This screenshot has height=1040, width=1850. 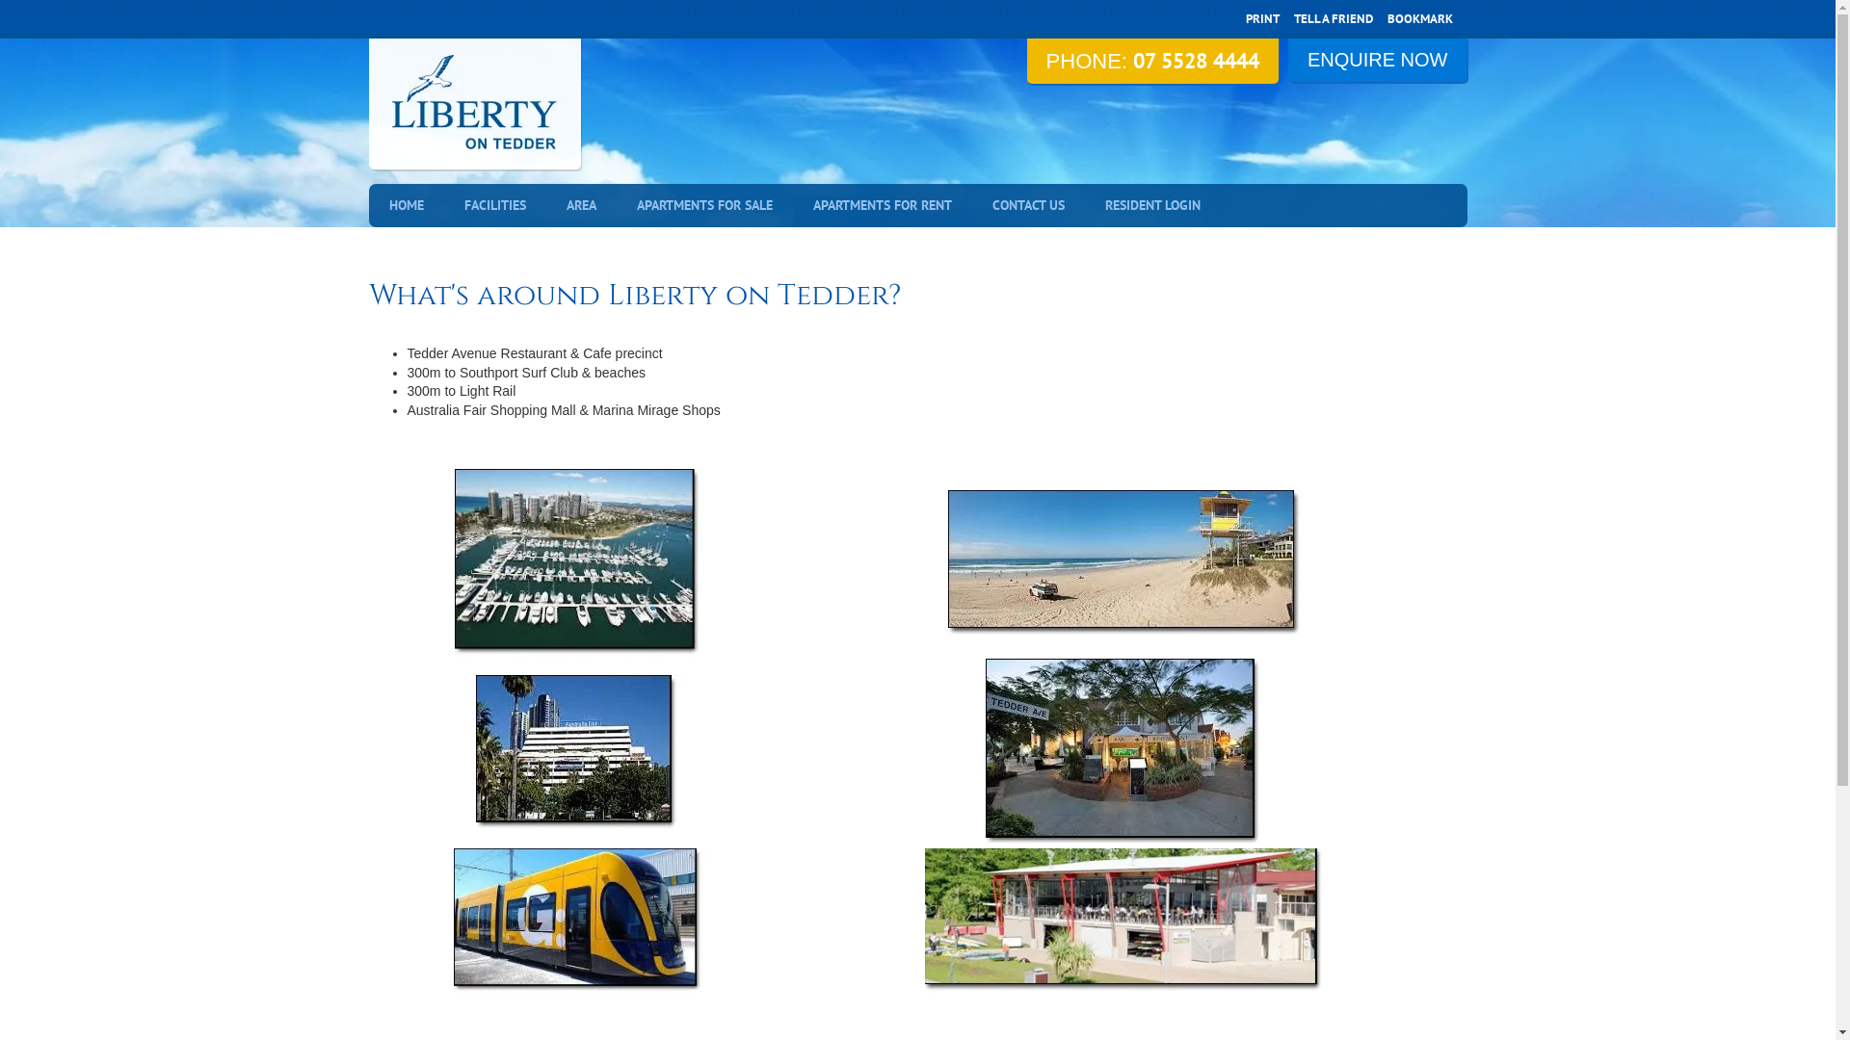 I want to click on 'AREA', so click(x=579, y=205).